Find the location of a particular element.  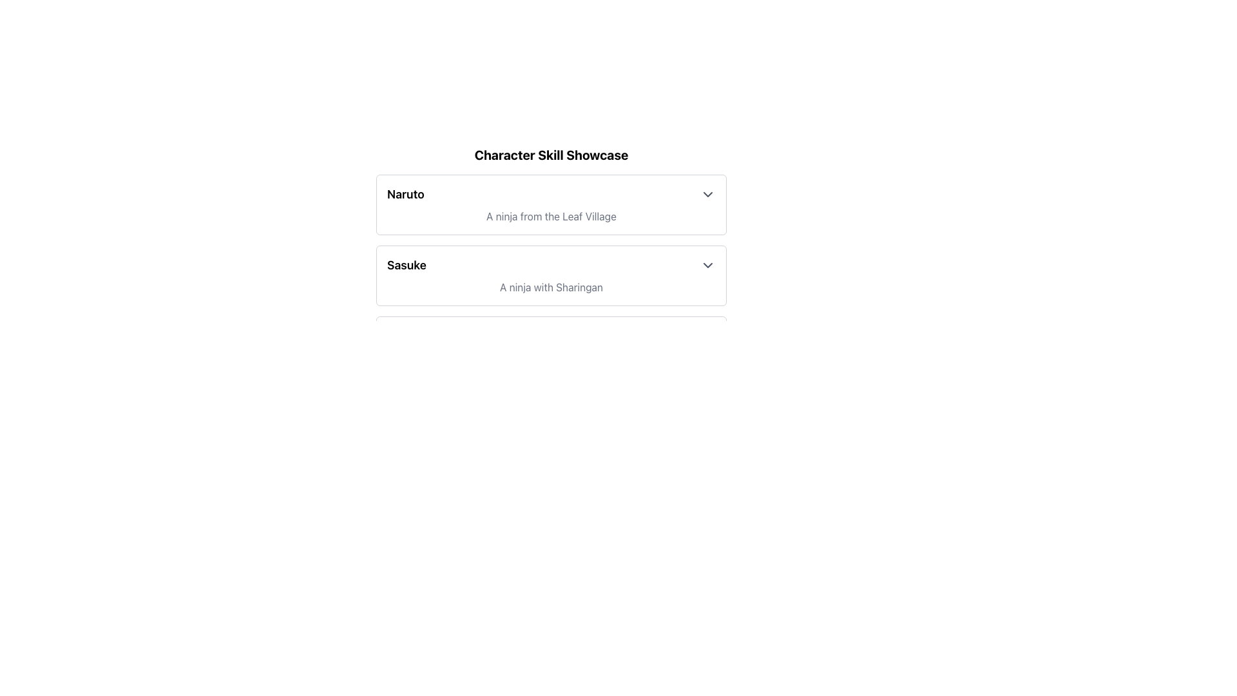

the Dropdown Header labeled 'Sasuke' for keyboard navigation is located at coordinates (551, 265).